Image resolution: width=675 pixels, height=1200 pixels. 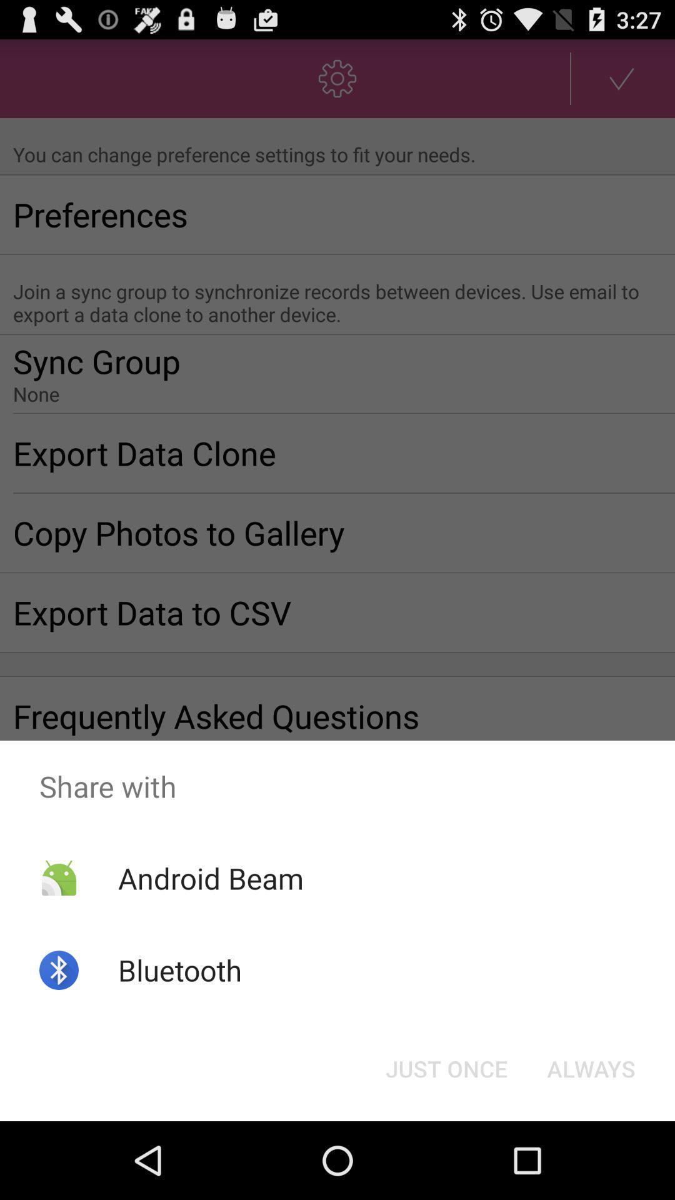 I want to click on just once item, so click(x=446, y=1067).